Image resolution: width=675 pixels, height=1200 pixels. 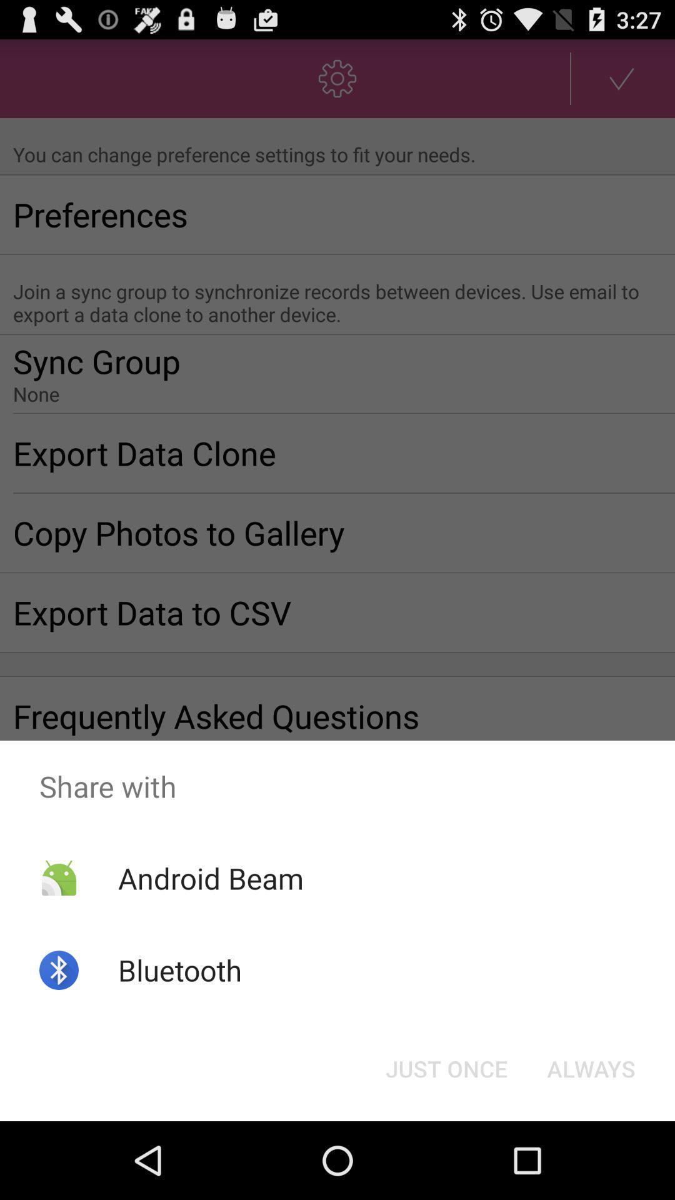 I want to click on just once item, so click(x=446, y=1067).